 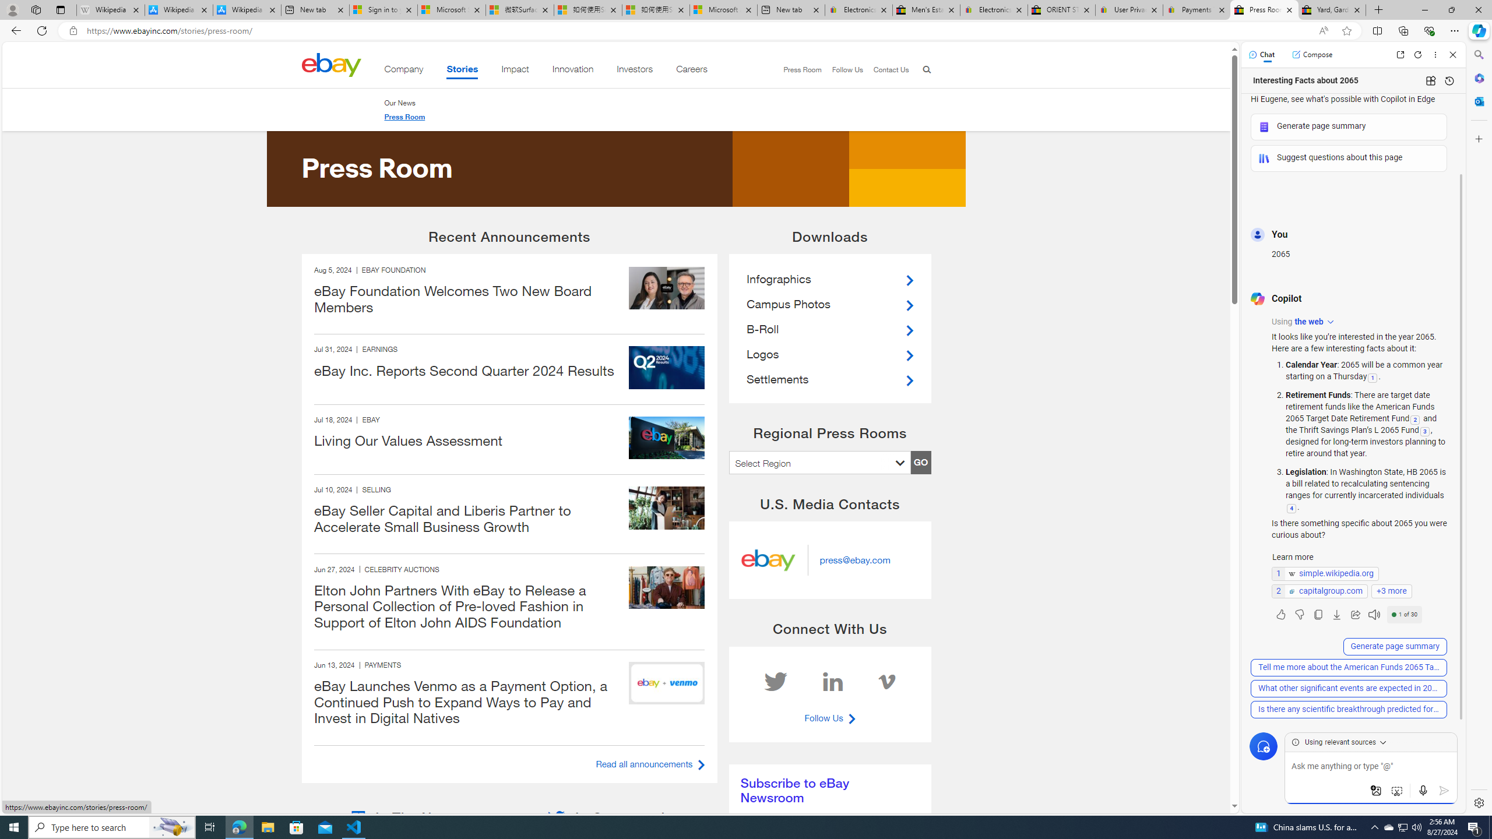 I want to click on 'GO', so click(x=920, y=461).